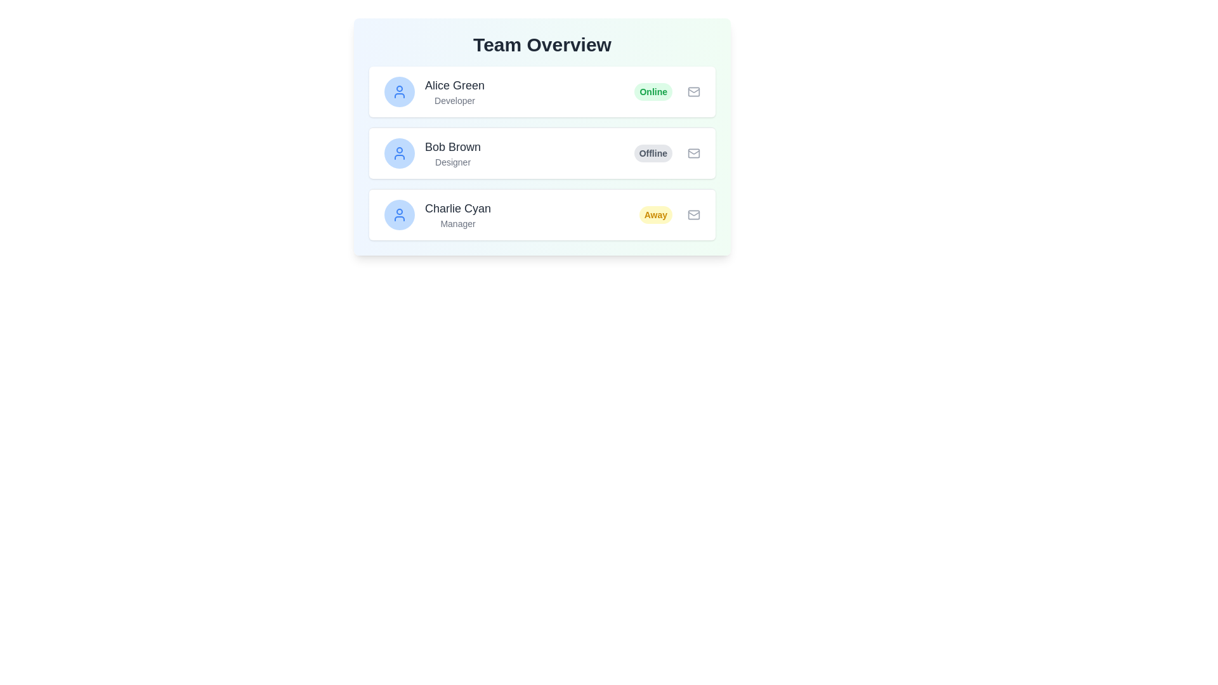  Describe the element at coordinates (453, 146) in the screenshot. I see `text element displaying the name 'Bob Brown', which identifies a specific team member in the second row of the vertical list` at that location.